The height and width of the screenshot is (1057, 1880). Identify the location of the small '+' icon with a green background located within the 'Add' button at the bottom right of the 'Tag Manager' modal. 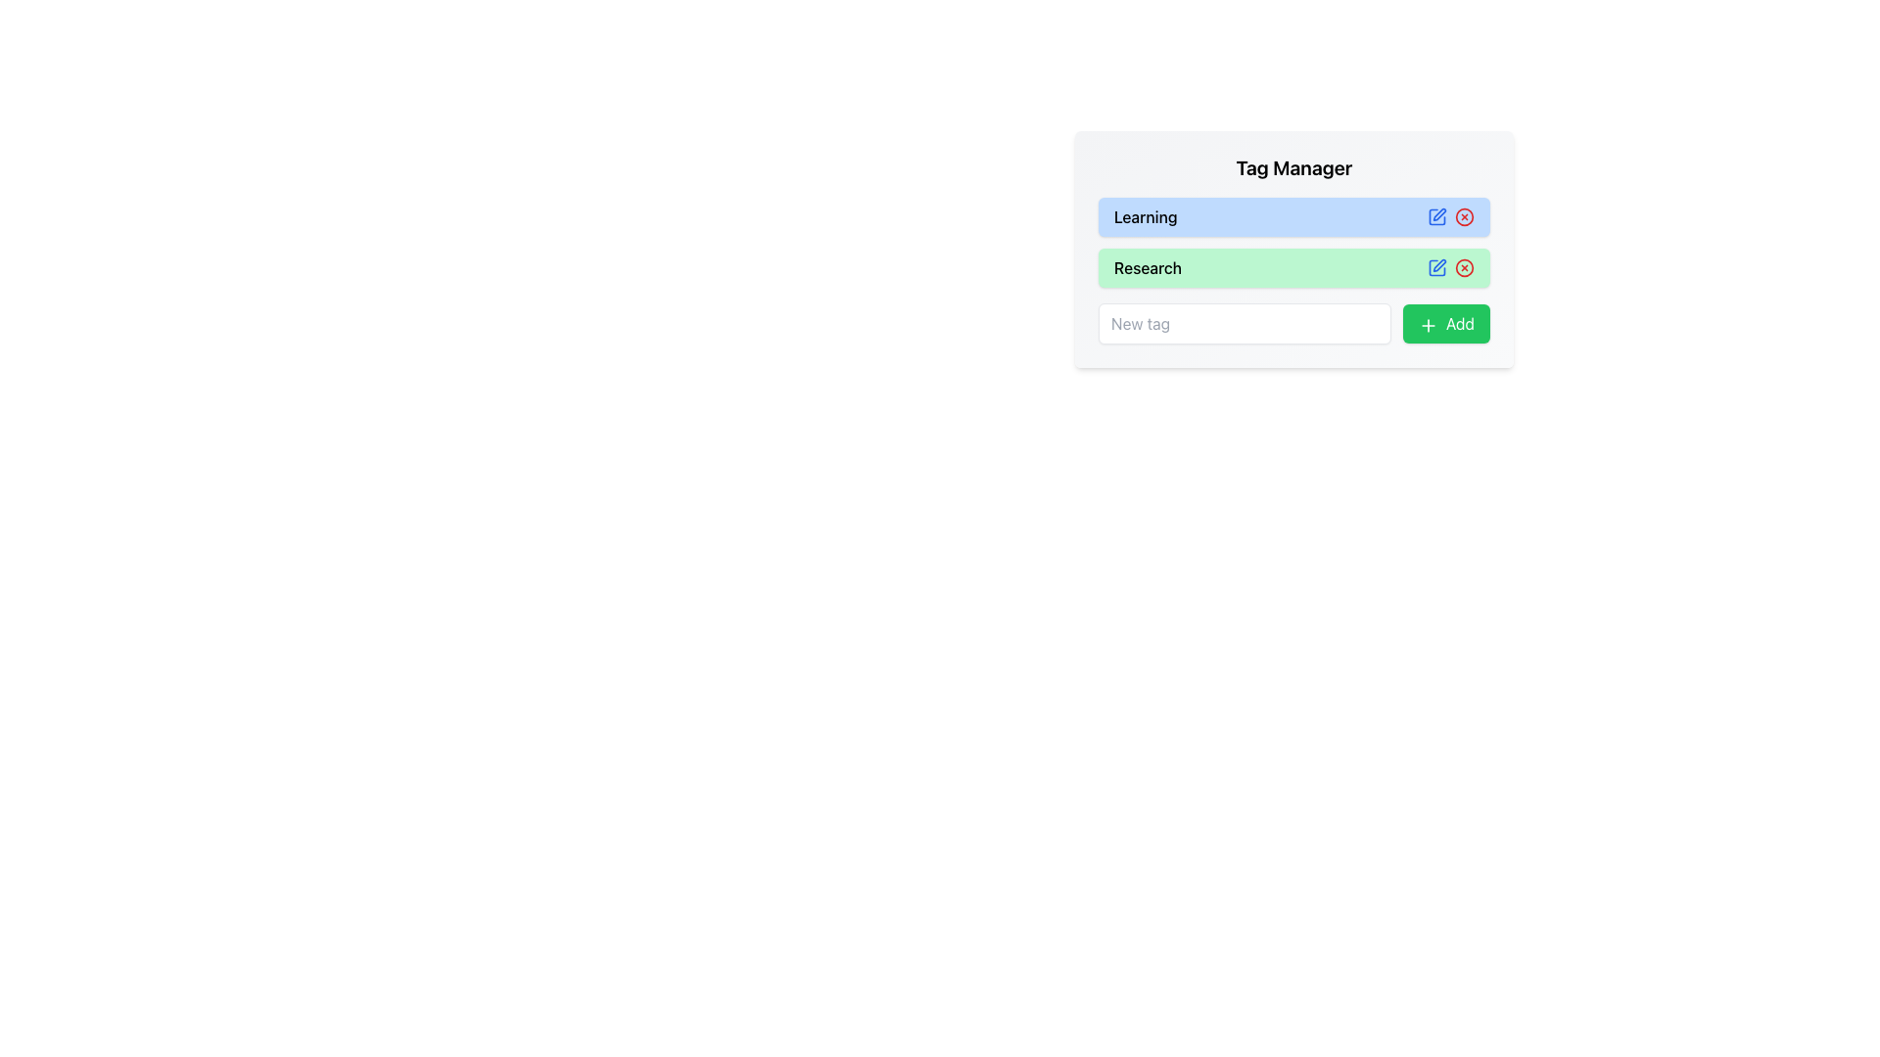
(1428, 324).